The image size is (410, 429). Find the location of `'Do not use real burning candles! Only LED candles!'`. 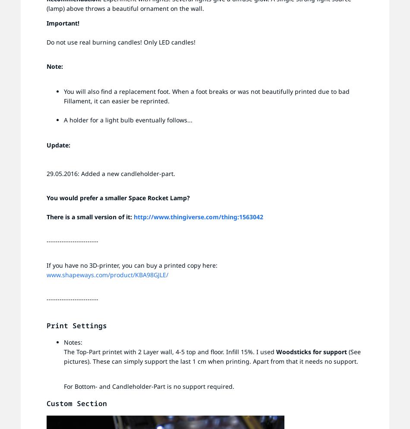

'Do not use real burning candles! Only LED candles!' is located at coordinates (120, 42).